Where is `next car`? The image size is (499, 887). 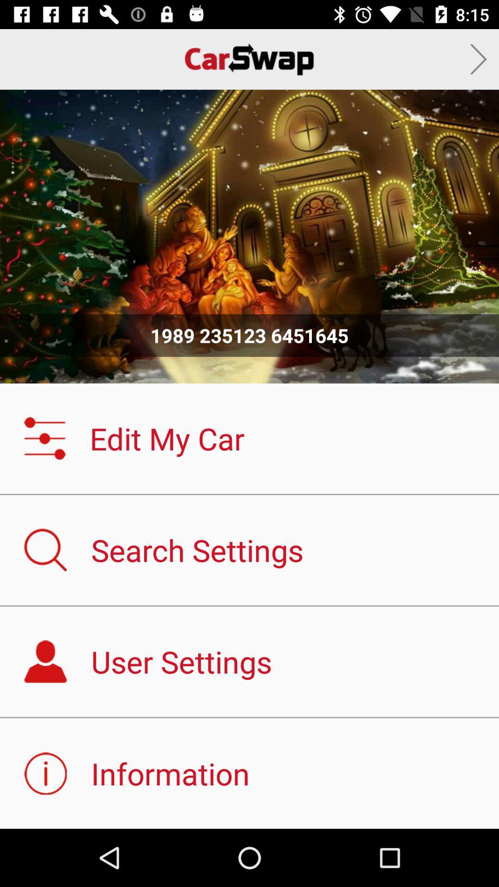
next car is located at coordinates (478, 59).